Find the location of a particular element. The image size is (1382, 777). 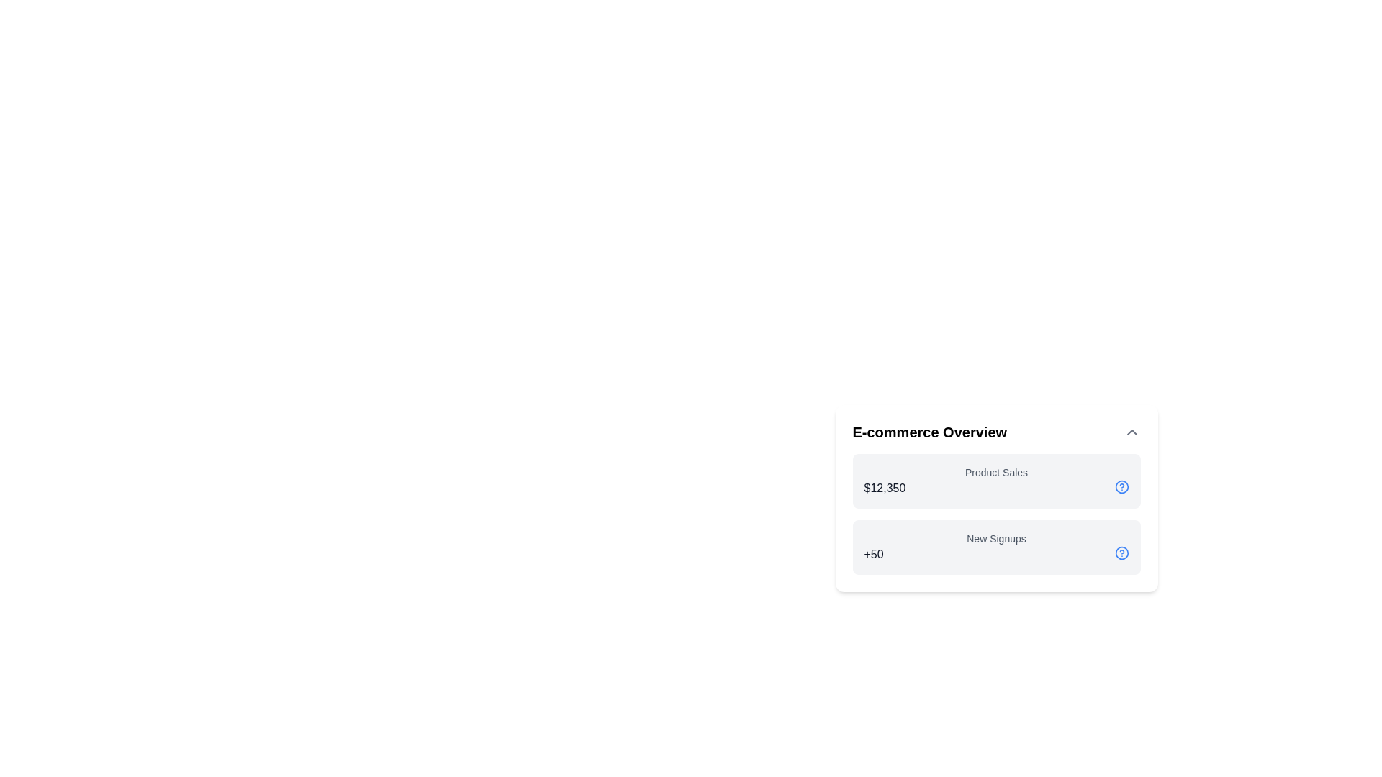

the upward-pointing chevron icon in the top-right corner of the 'E-commerce Overview' card is located at coordinates (1131, 432).